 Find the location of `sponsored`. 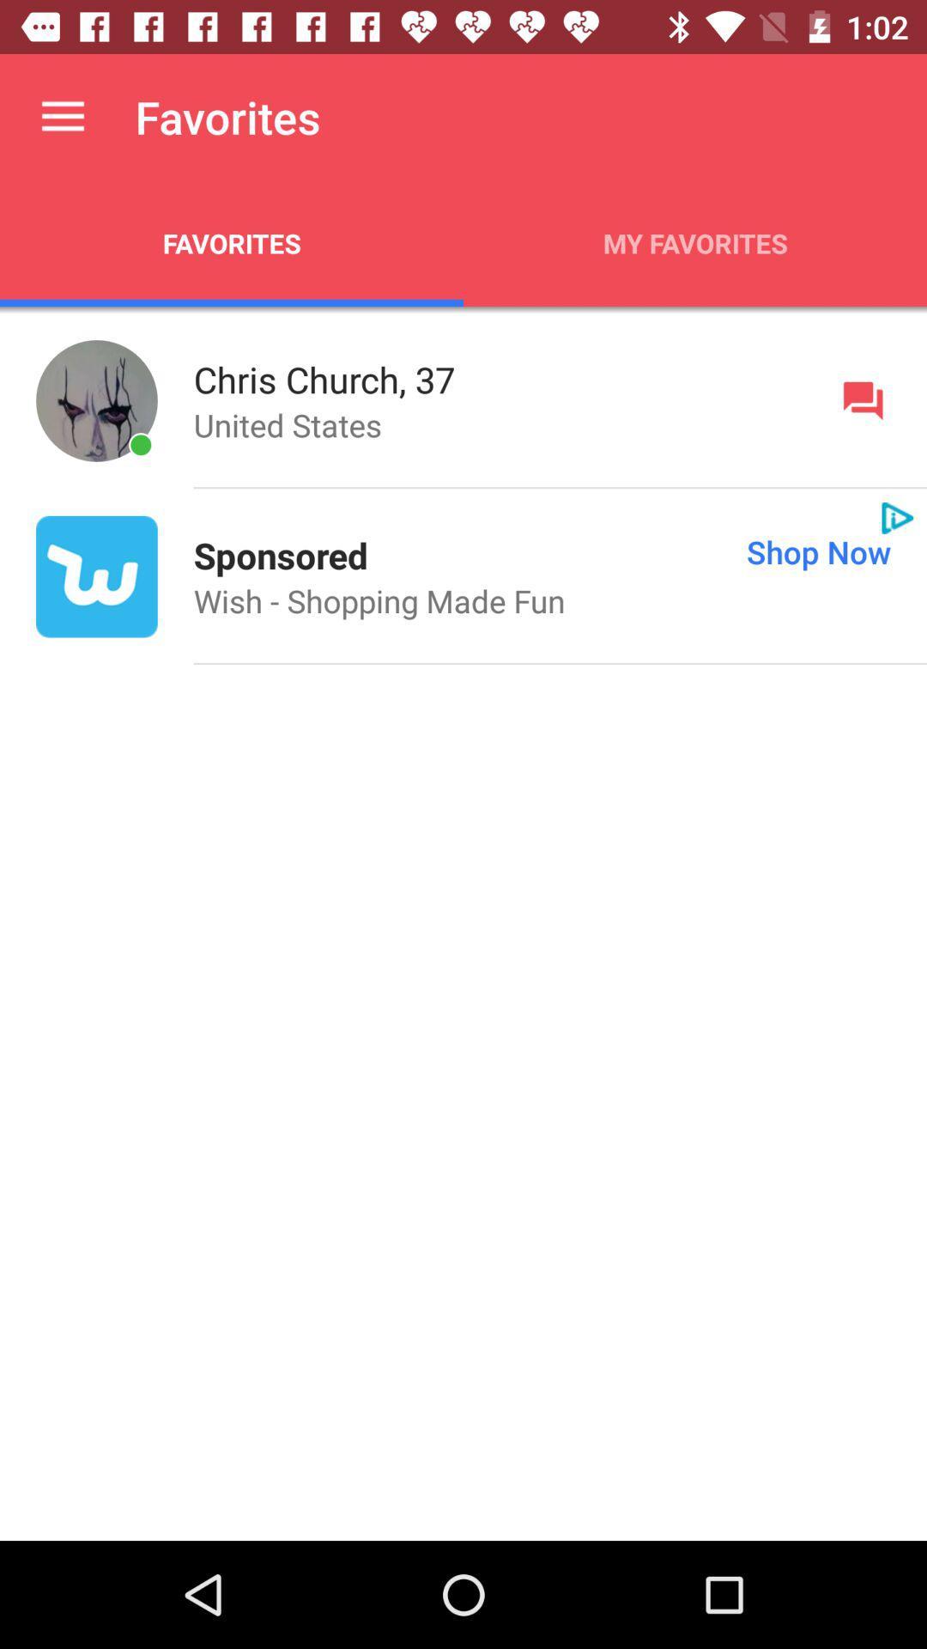

sponsored is located at coordinates (280, 555).